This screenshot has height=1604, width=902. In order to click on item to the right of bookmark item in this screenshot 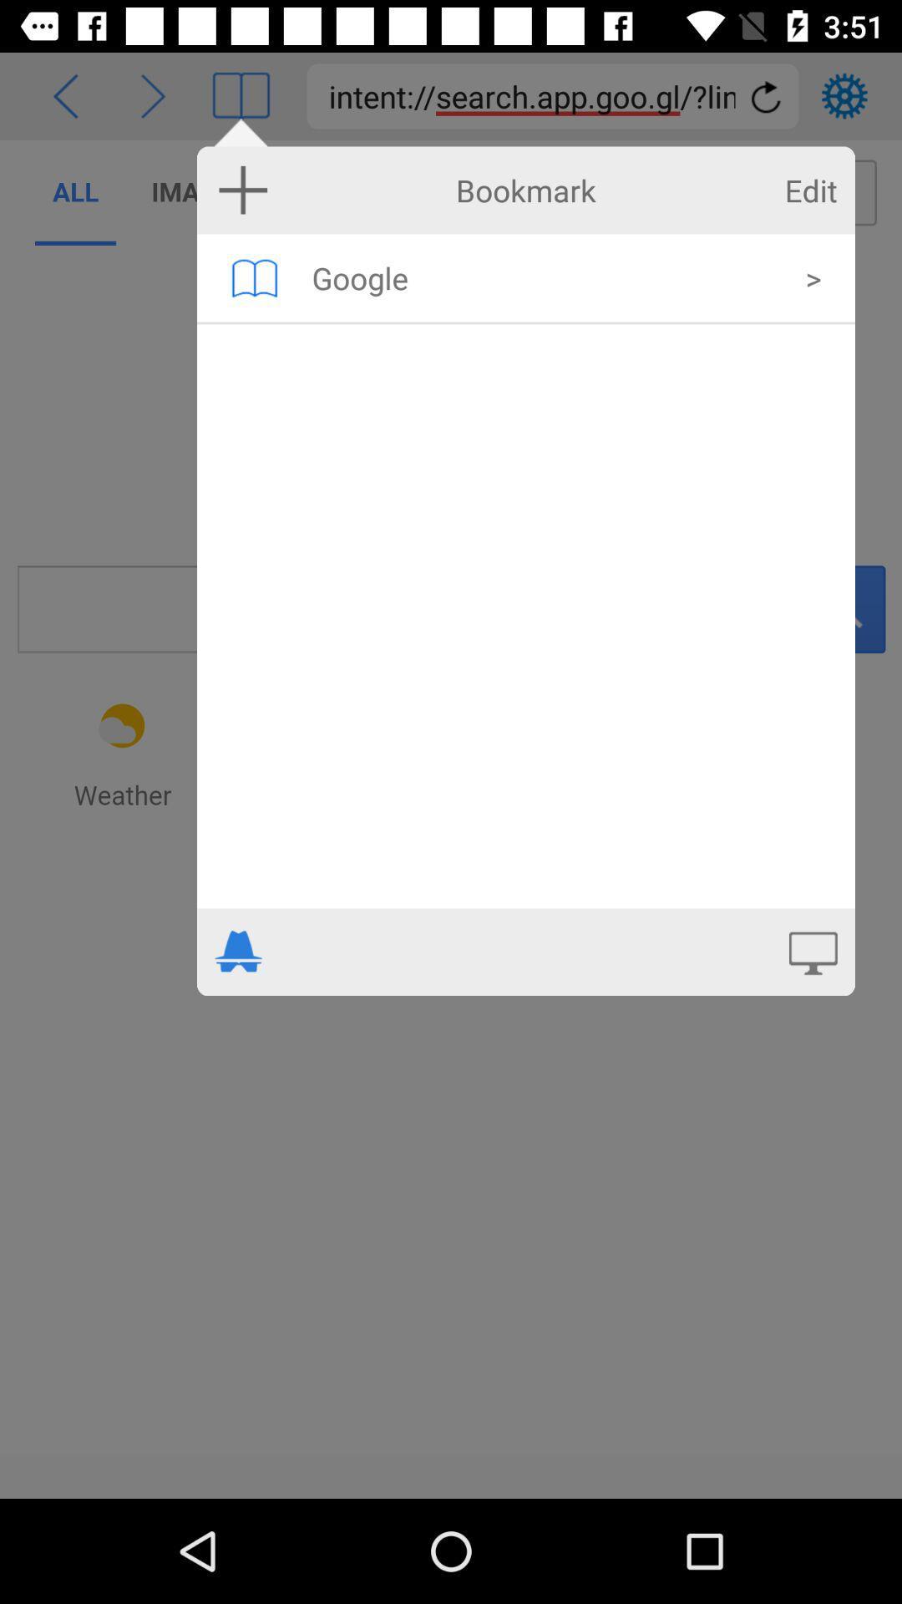, I will do `click(810, 190)`.